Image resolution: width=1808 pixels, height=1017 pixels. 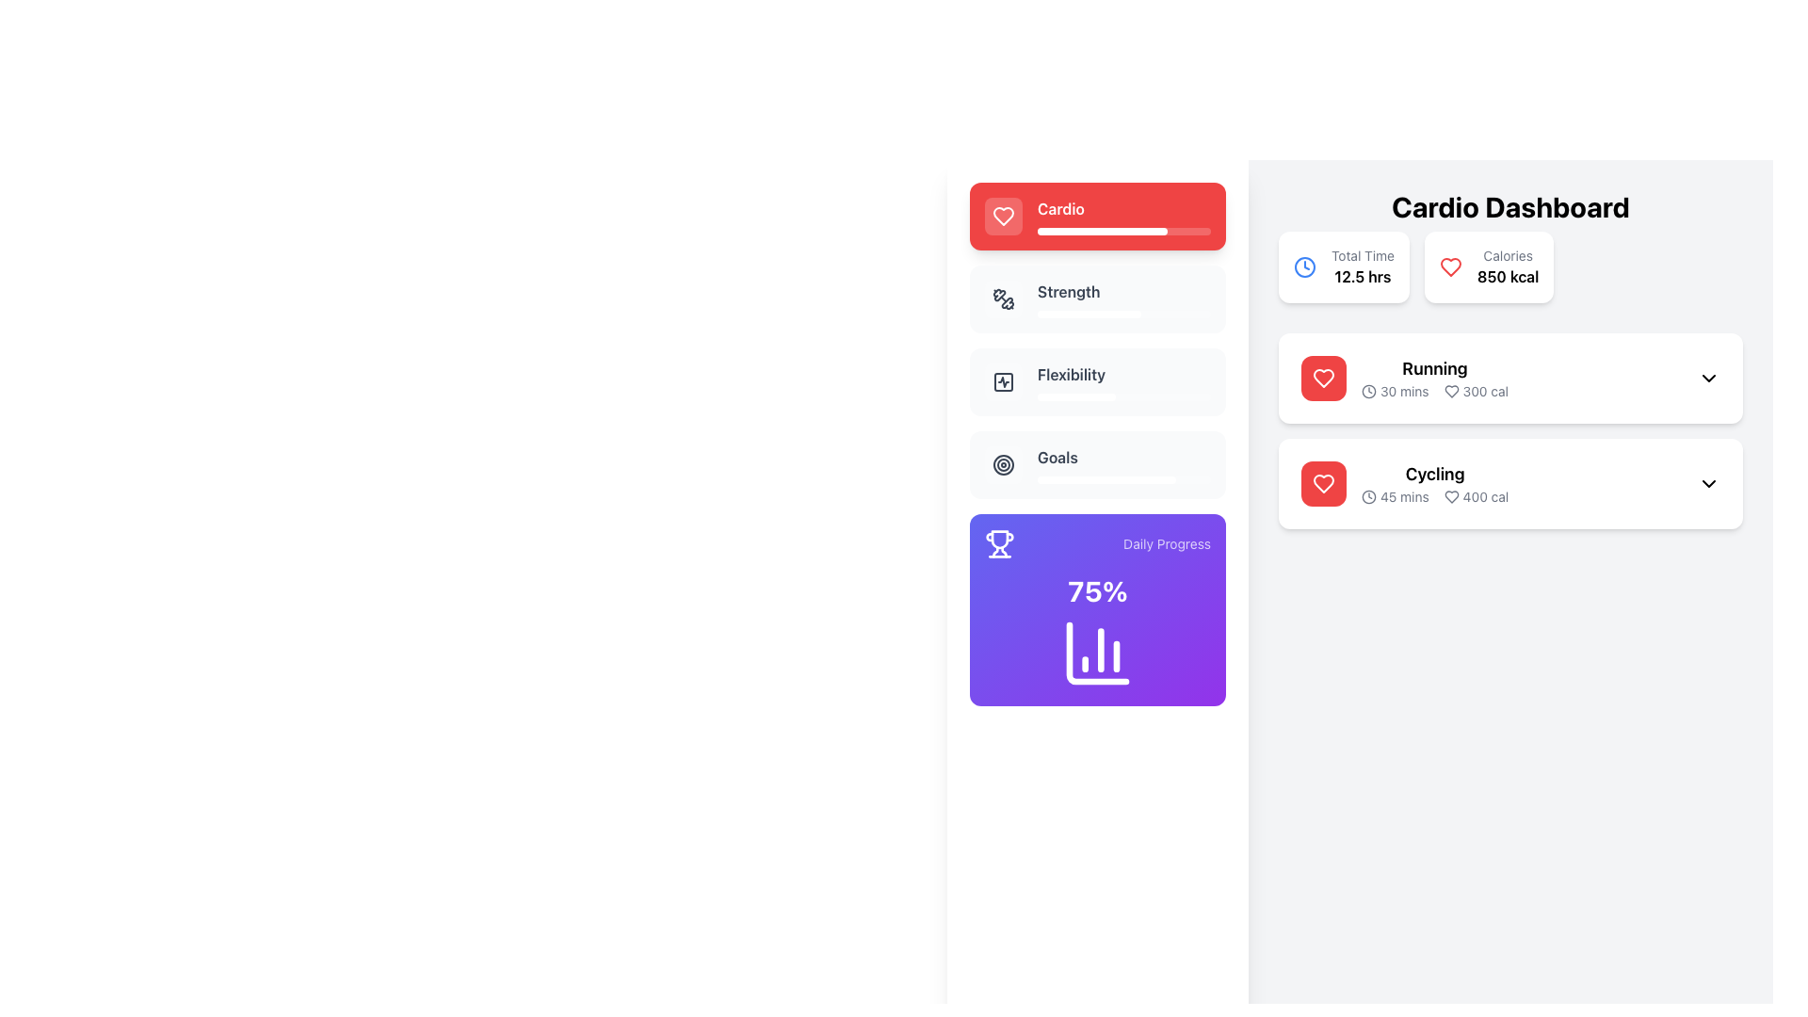 What do you see at coordinates (1510, 378) in the screenshot?
I see `the top list item in the 'Cardio Dashboard' section, which features a red background with a white heart icon and bold text reading 'Running'` at bounding box center [1510, 378].